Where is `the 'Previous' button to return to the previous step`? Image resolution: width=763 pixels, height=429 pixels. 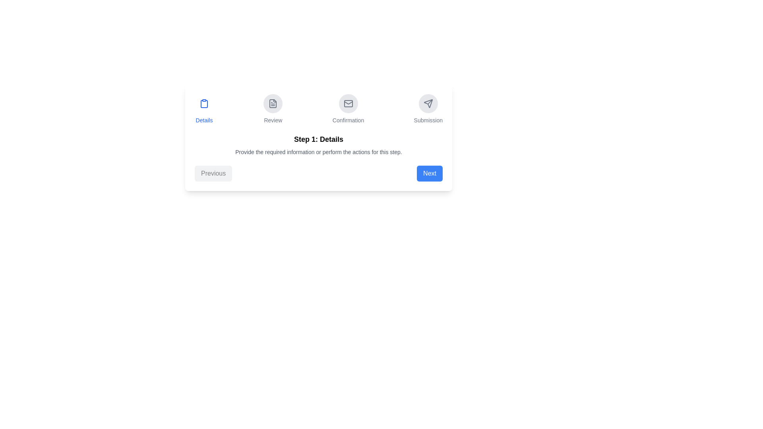
the 'Previous' button to return to the previous step is located at coordinates (213, 173).